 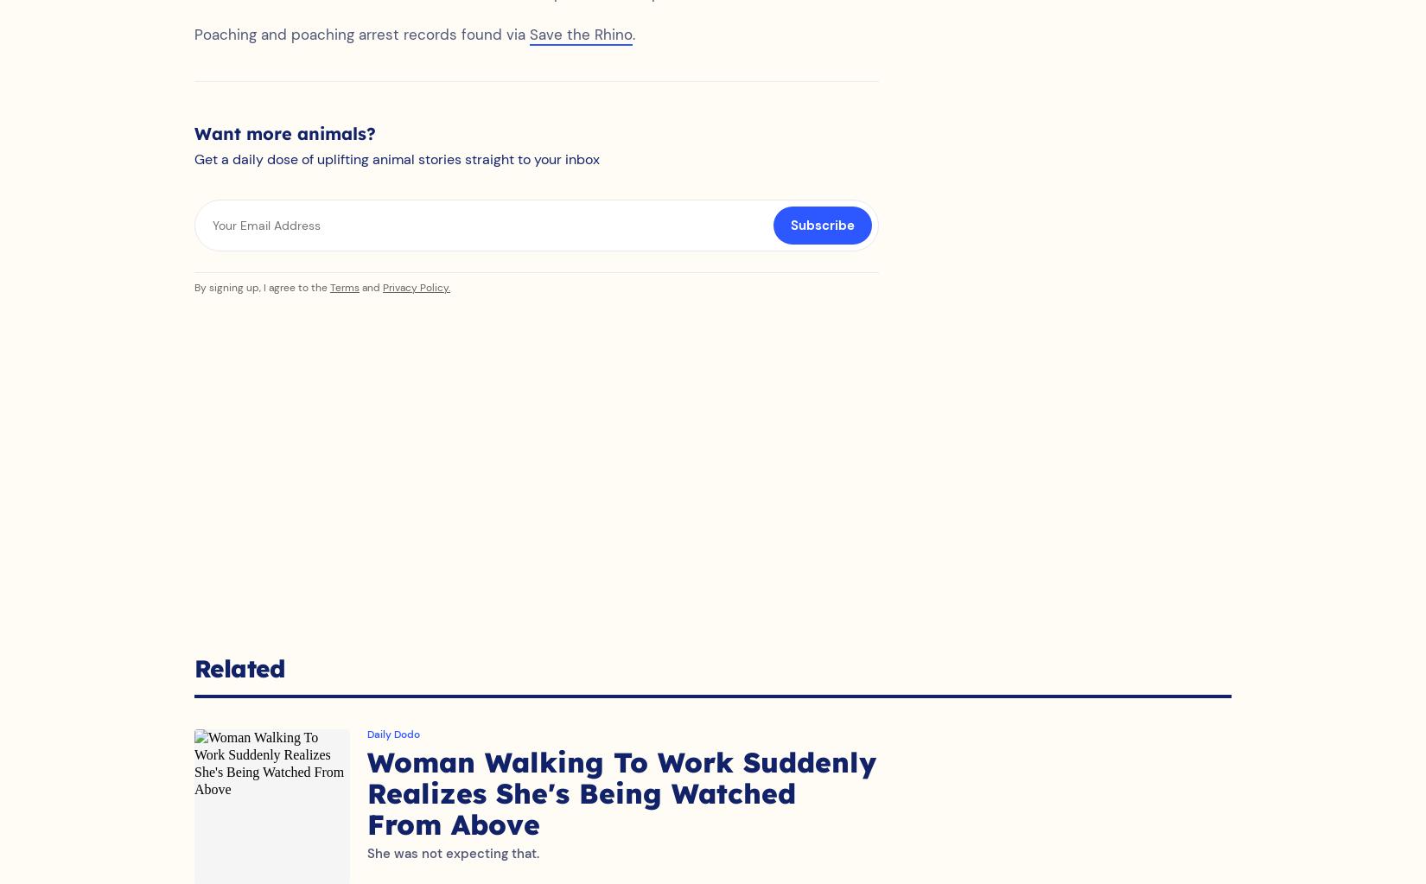 I want to click on 'Subscribe', so click(x=823, y=242).